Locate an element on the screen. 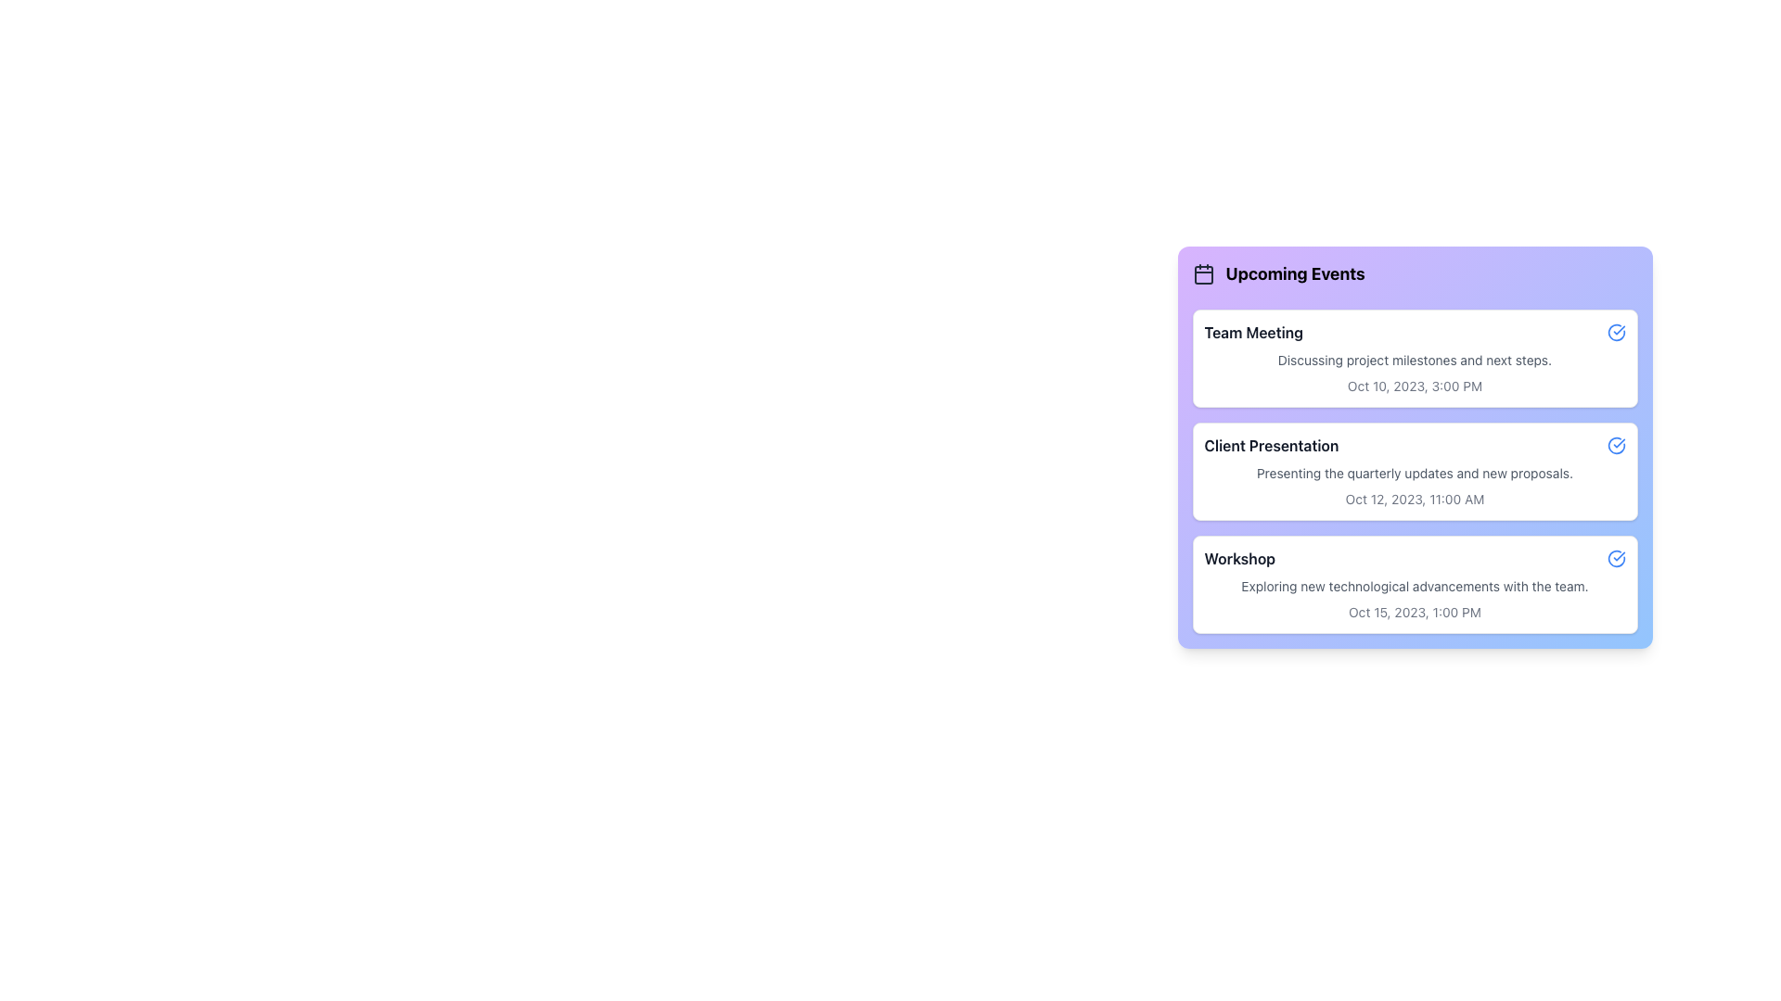 The width and height of the screenshot is (1781, 1001). the Text label displaying the date of the 'Workshop' event, located in the third item of the vertical list of upcoming events, to the left of '1:00 PM' is located at coordinates (1387, 612).